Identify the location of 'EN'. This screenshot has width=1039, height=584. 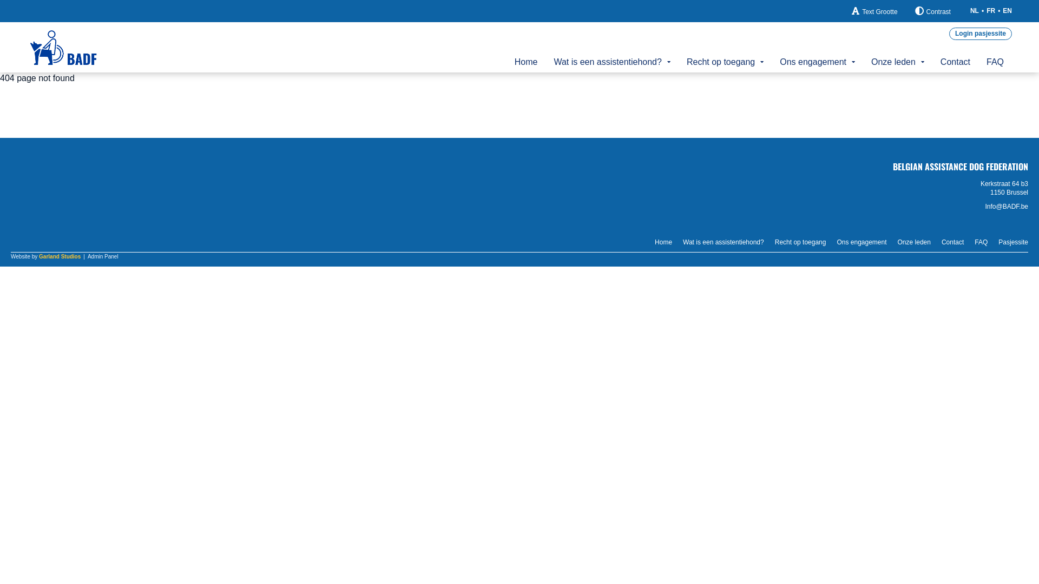
(1007, 10).